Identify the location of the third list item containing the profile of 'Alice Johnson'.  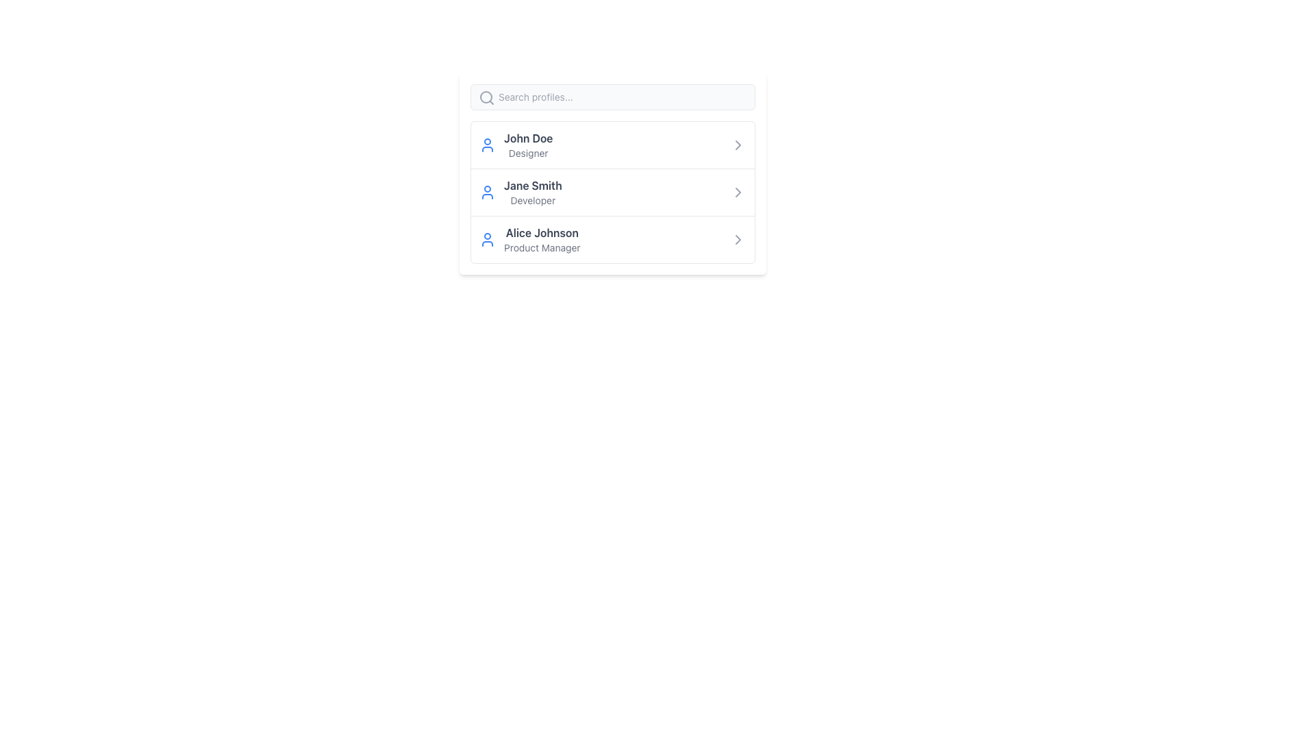
(529, 239).